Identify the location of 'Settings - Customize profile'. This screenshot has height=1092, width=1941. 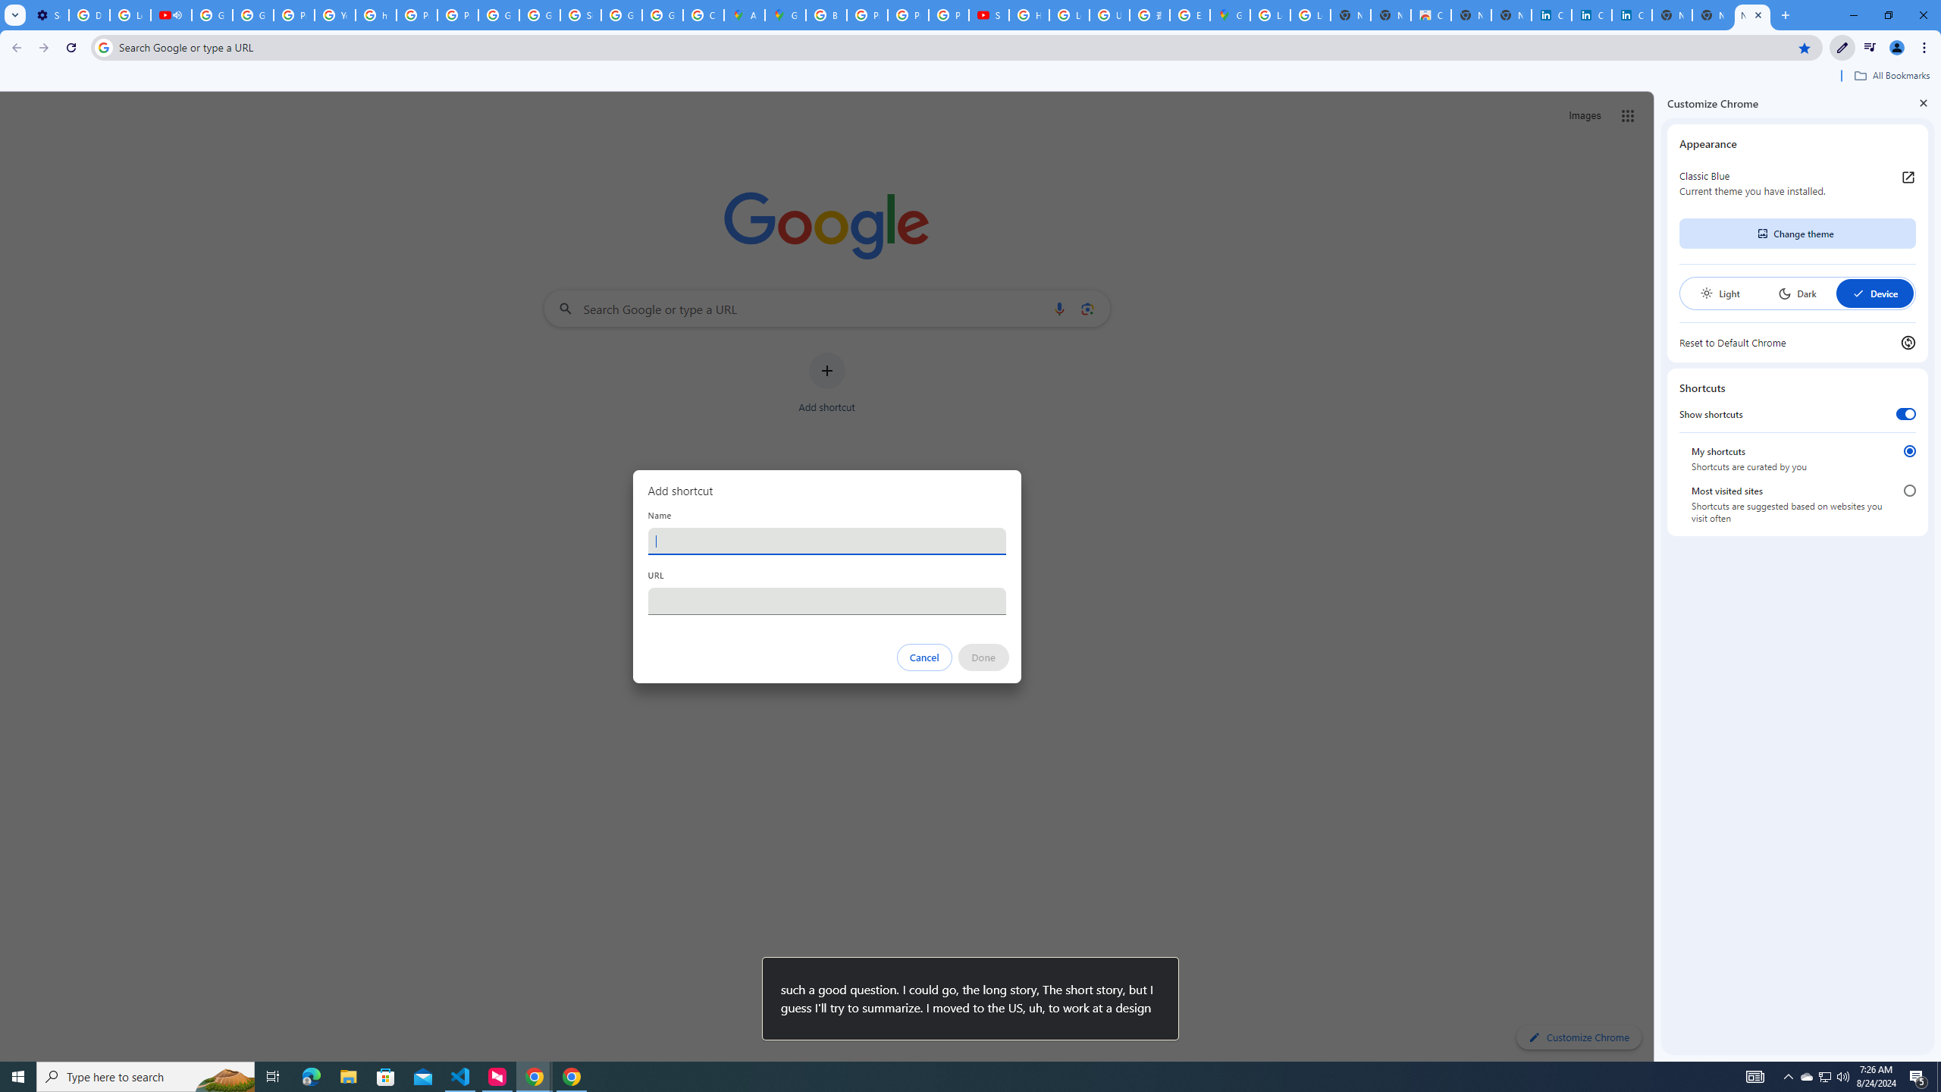
(49, 14).